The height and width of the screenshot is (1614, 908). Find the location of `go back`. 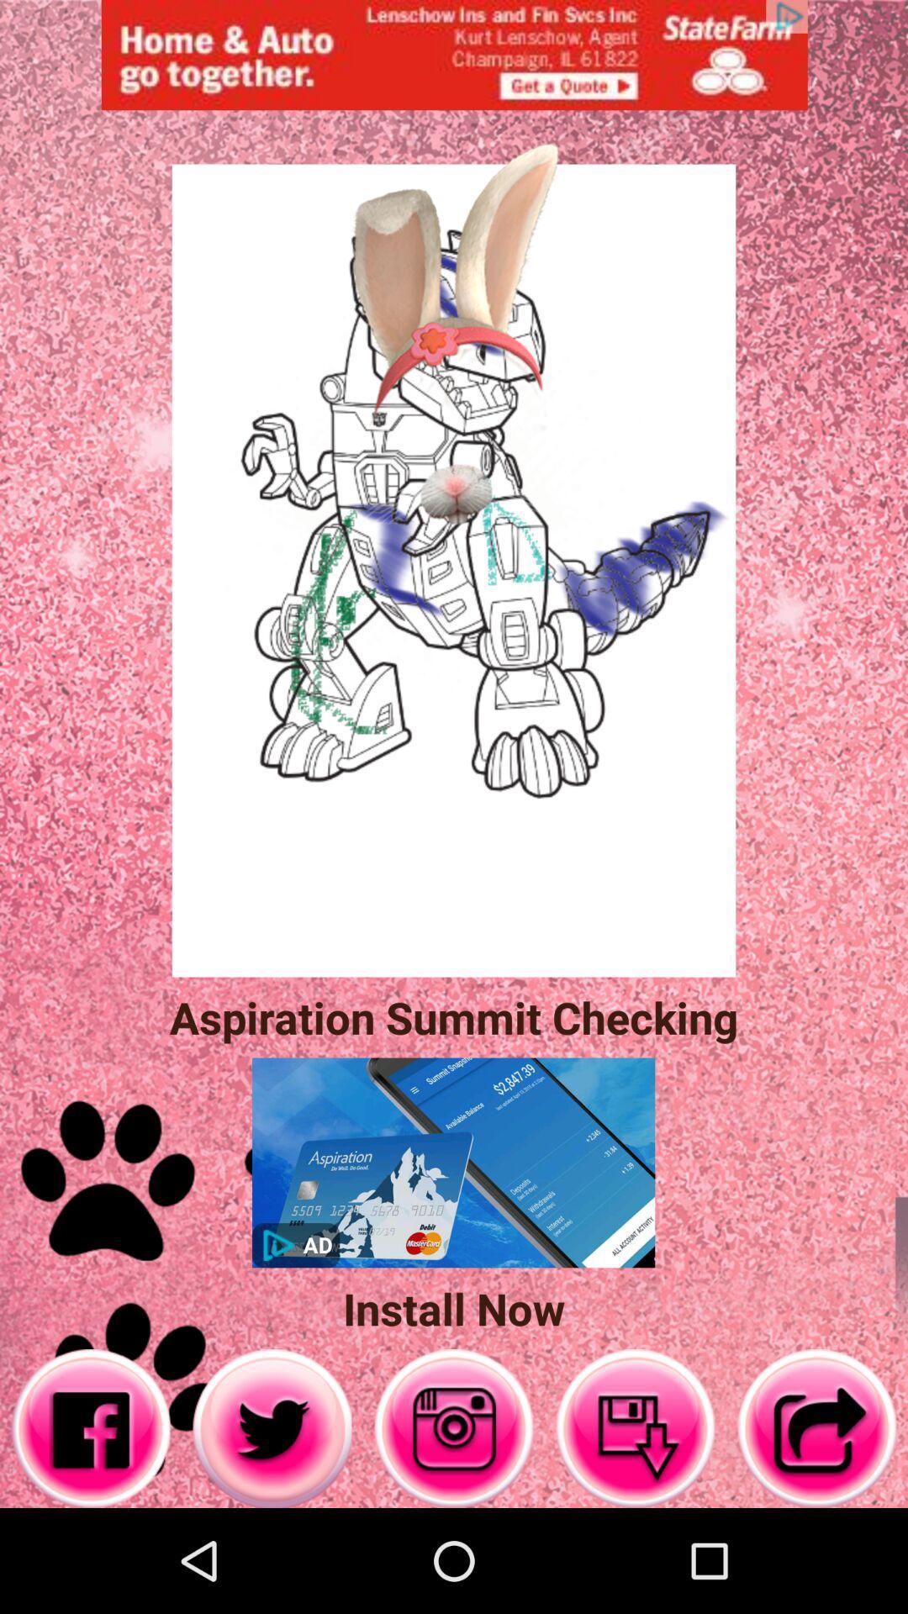

go back is located at coordinates (816, 1427).